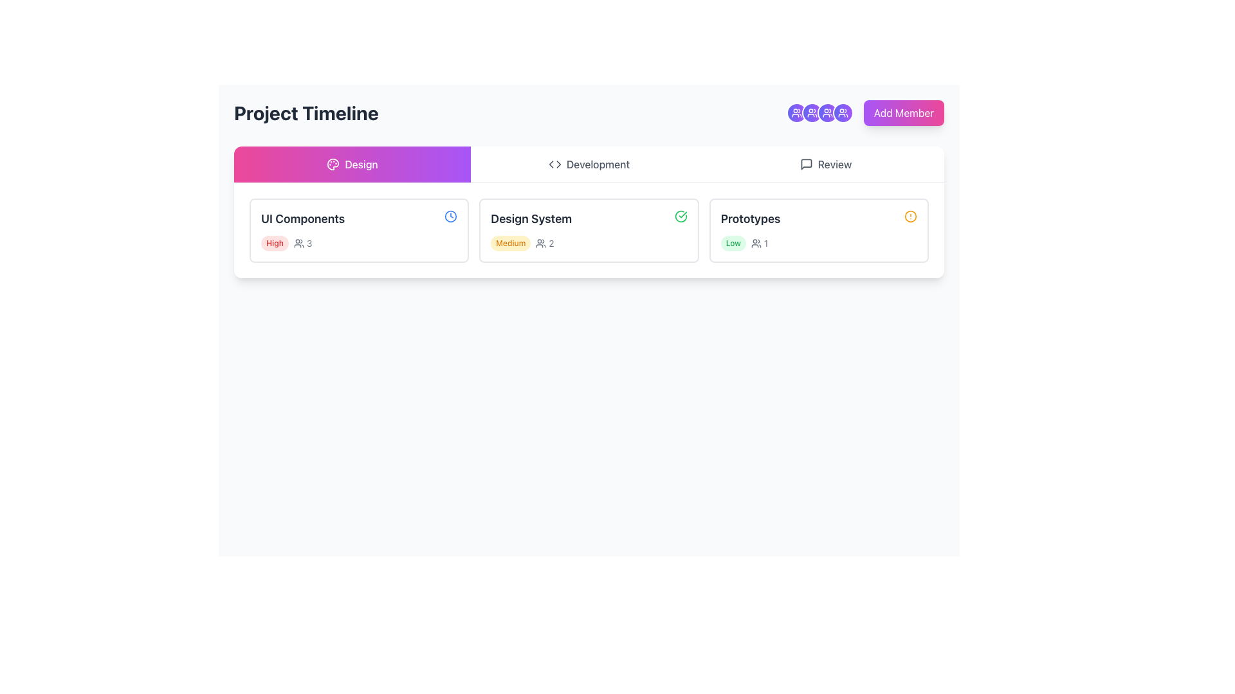 Image resolution: width=1235 pixels, height=694 pixels. Describe the element at coordinates (359, 229) in the screenshot. I see `the first card labeled 'UI Components' from the 'Design' tab in the 'Project Timeline' section` at that location.